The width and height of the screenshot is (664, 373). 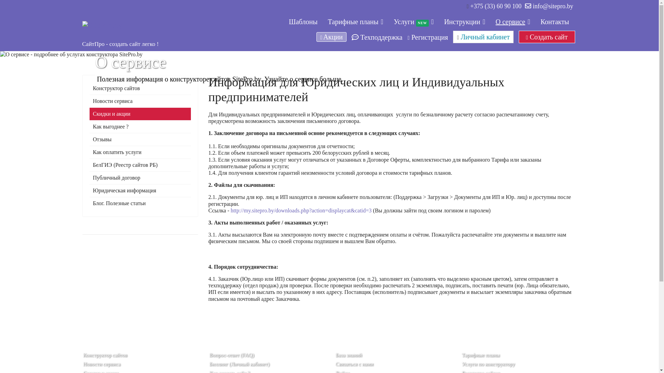 I want to click on 'http://my.sitepro.by/downloads.php?action=displaycat&catid=3', so click(x=301, y=210).